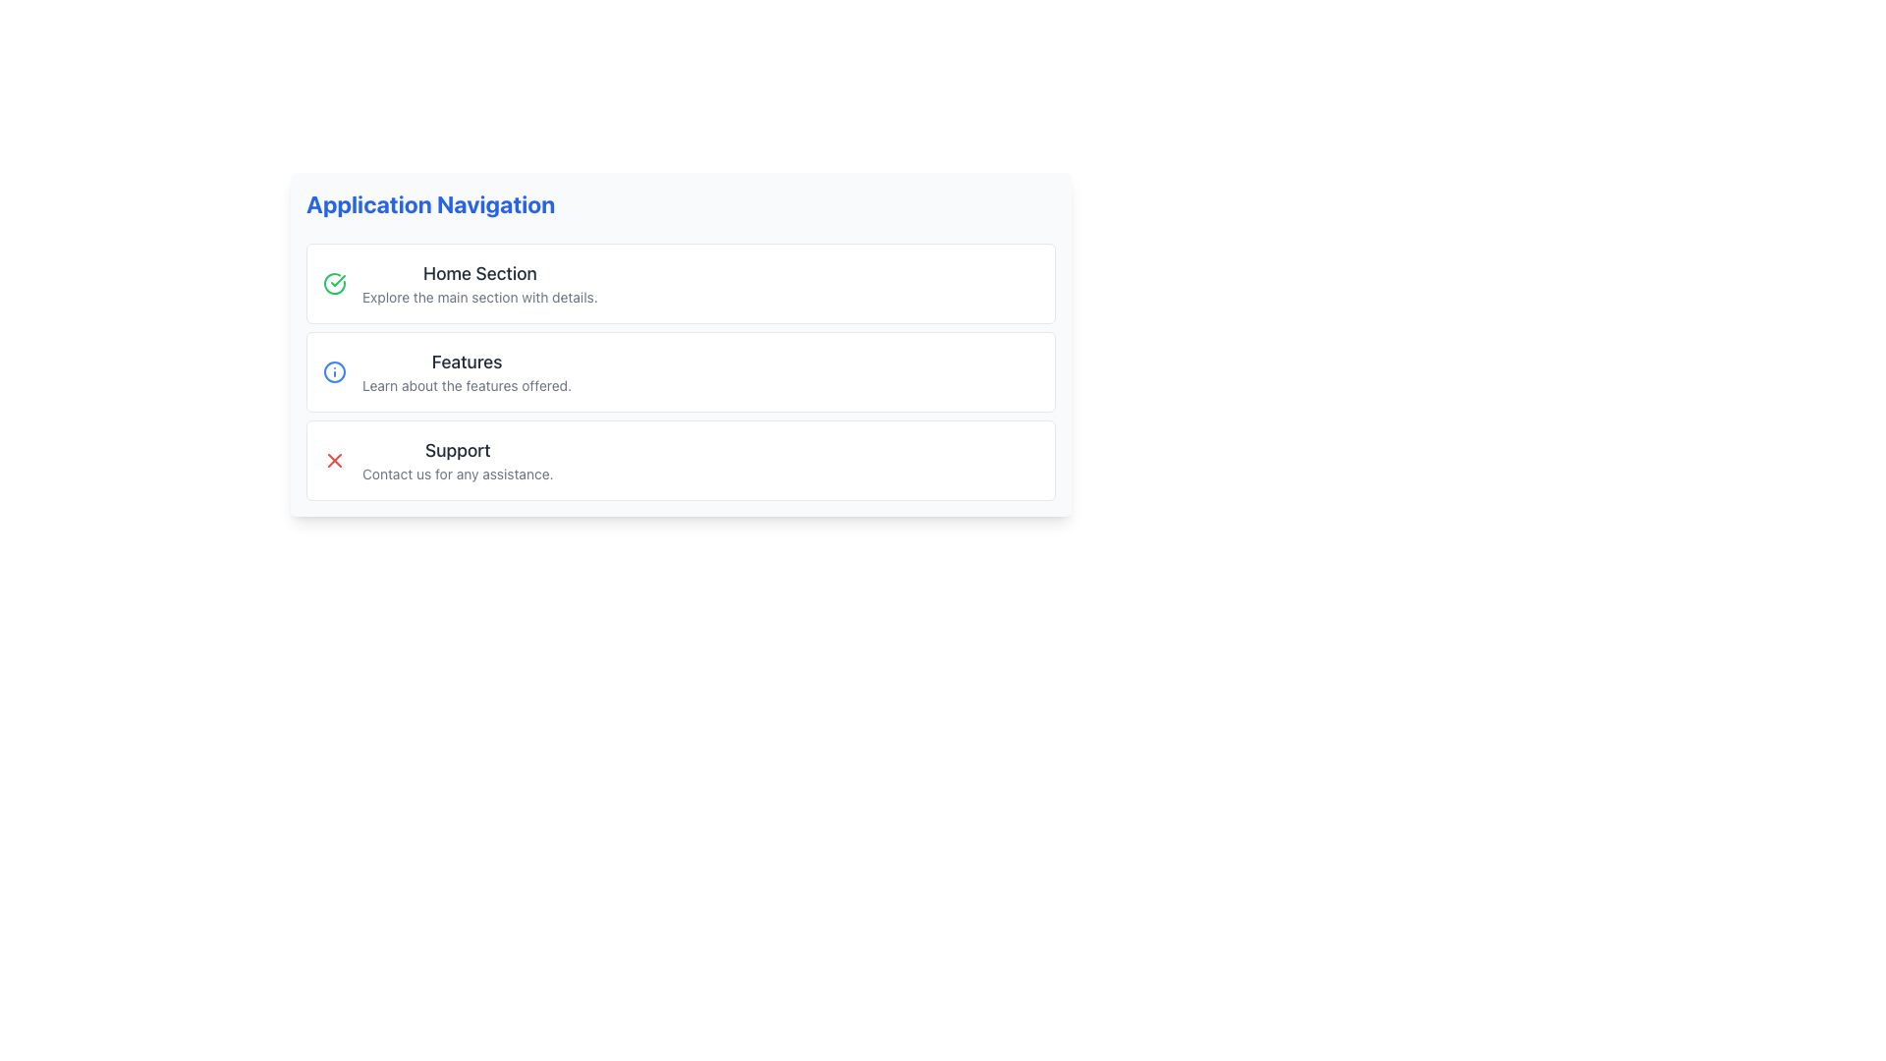  Describe the element at coordinates (338, 280) in the screenshot. I see `the green checkmark icon located in the 'Home Section' of the navigation card, positioned to the left of the 'Home Section' title` at that location.